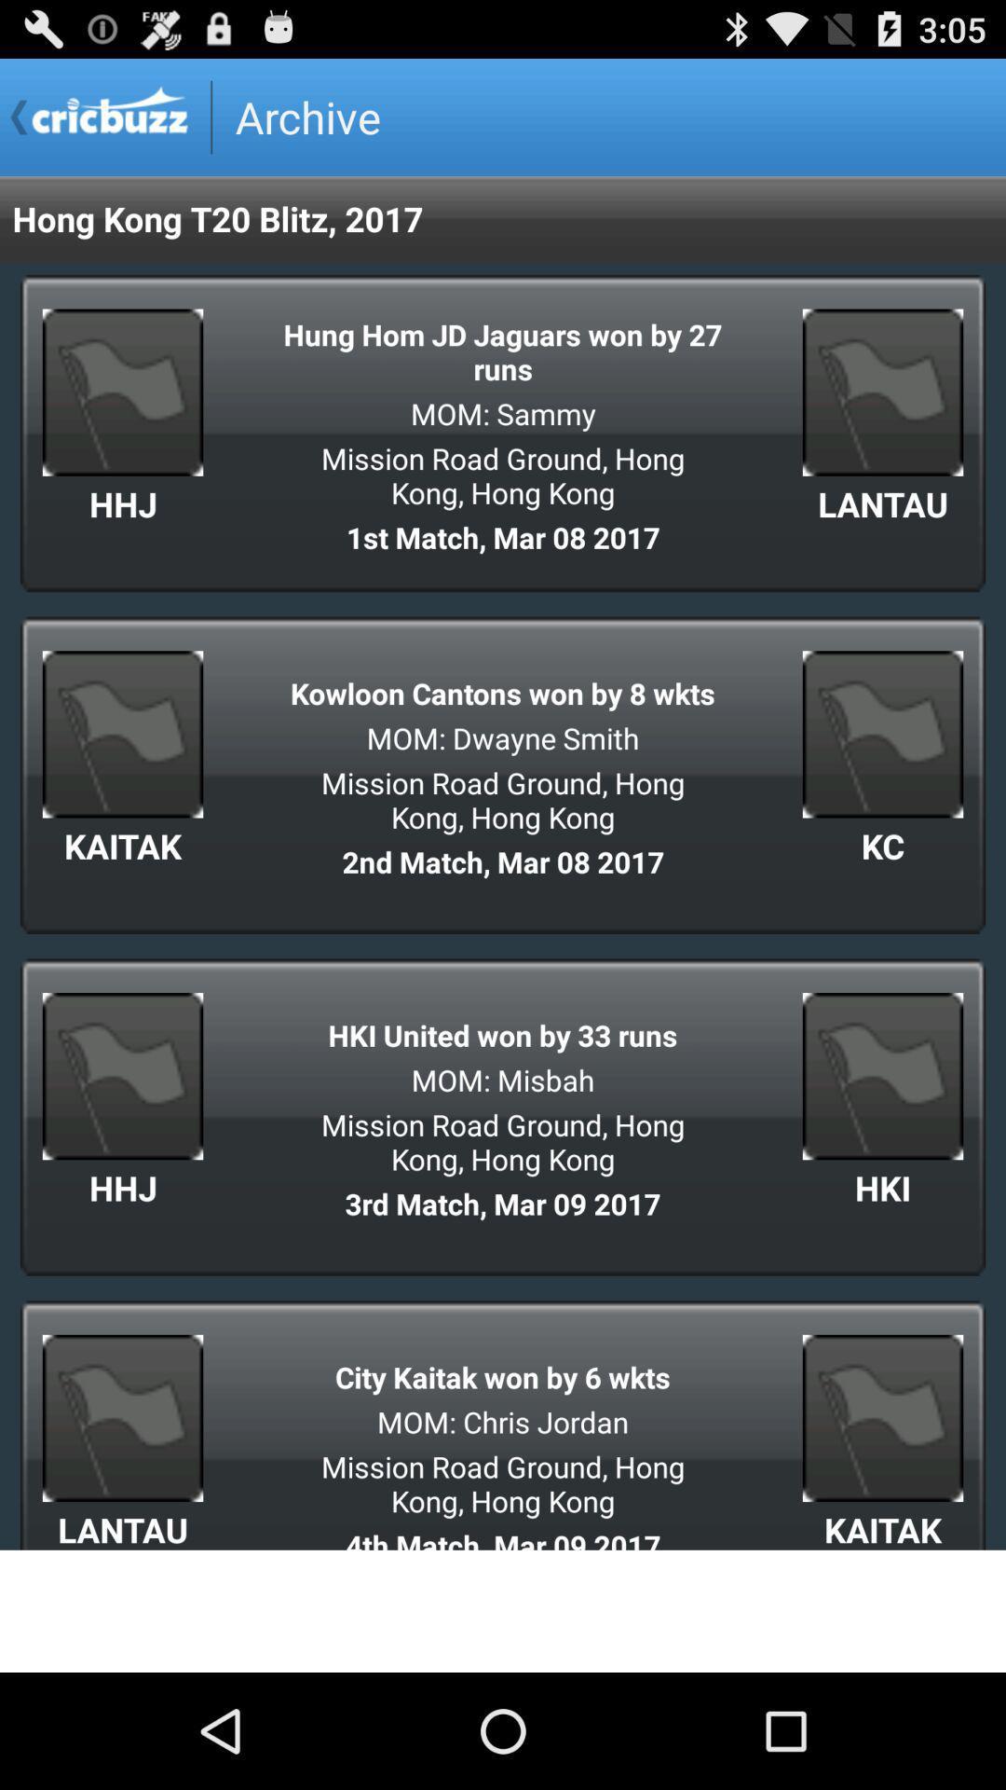 Image resolution: width=1006 pixels, height=1790 pixels. Describe the element at coordinates (503, 692) in the screenshot. I see `icon below 1st match mar app` at that location.